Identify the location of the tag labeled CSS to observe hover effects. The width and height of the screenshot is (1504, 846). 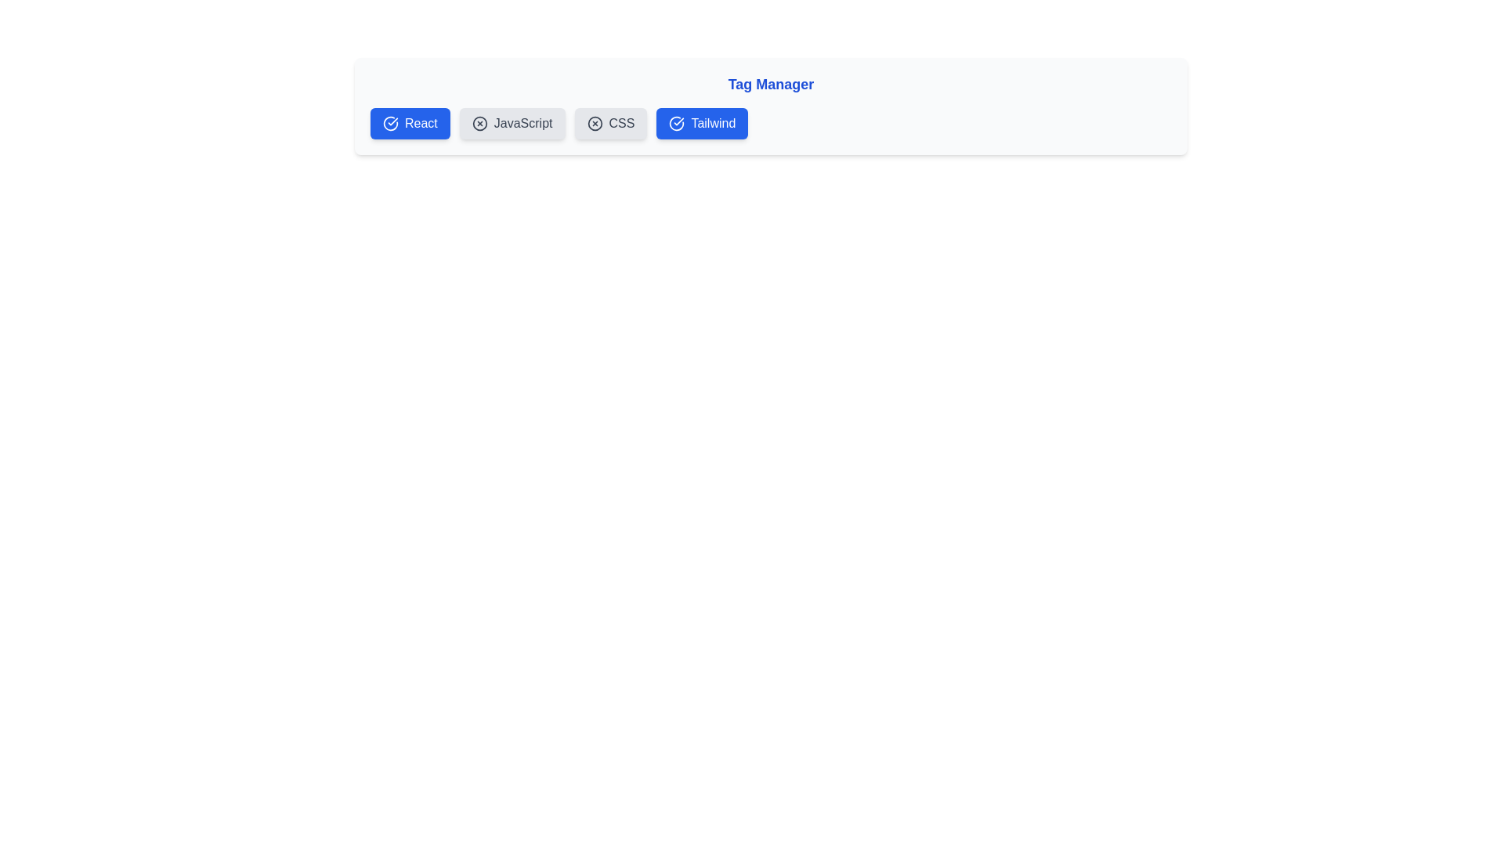
(609, 123).